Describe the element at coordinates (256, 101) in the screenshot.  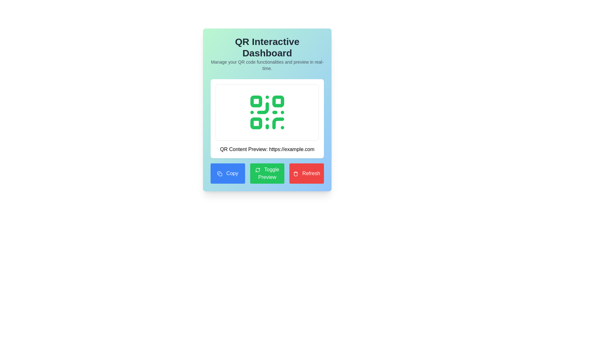
I see `the small green rectangular shape with rounded corners located in the upper-left corner of the QR code graphic` at that location.